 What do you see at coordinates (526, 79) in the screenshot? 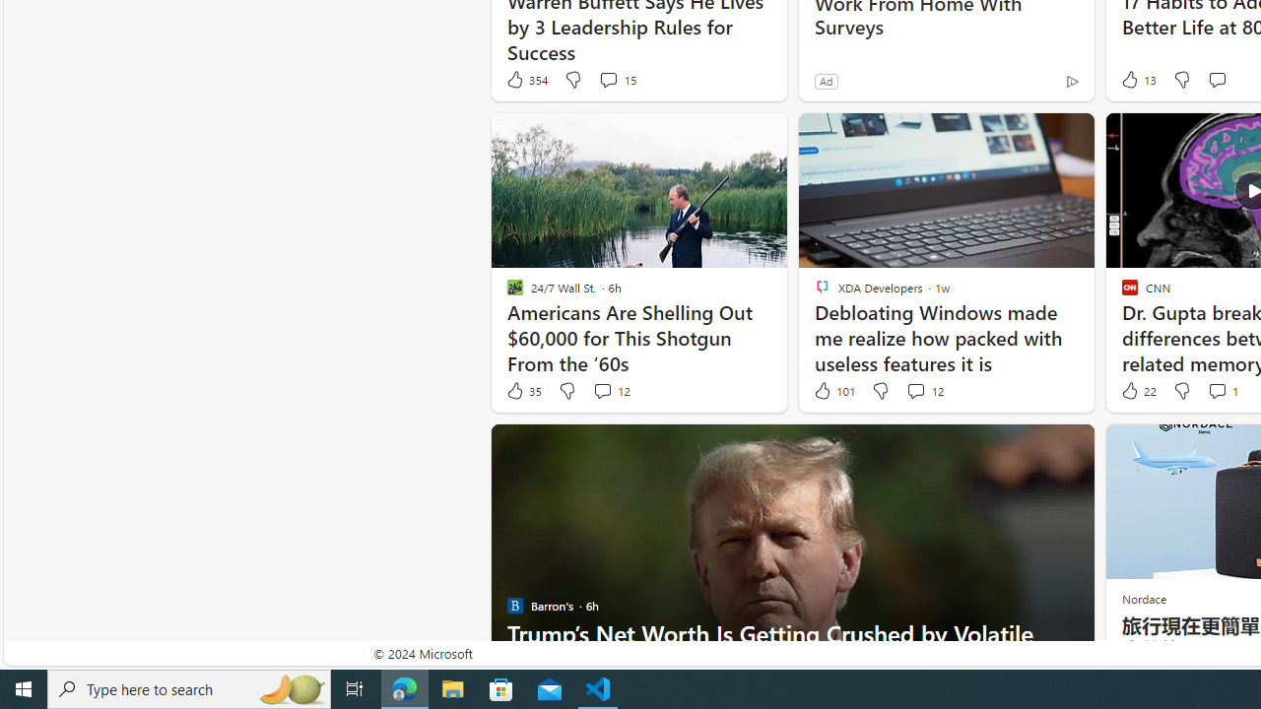
I see `'354 Like'` at bounding box center [526, 79].